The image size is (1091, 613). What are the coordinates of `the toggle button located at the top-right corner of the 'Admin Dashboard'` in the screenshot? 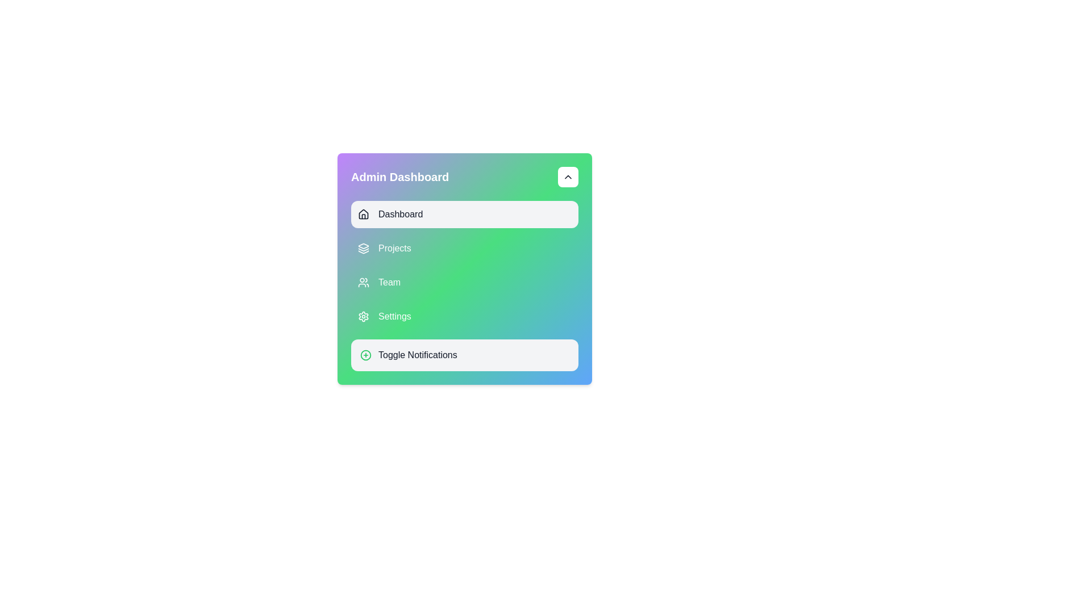 It's located at (568, 177).